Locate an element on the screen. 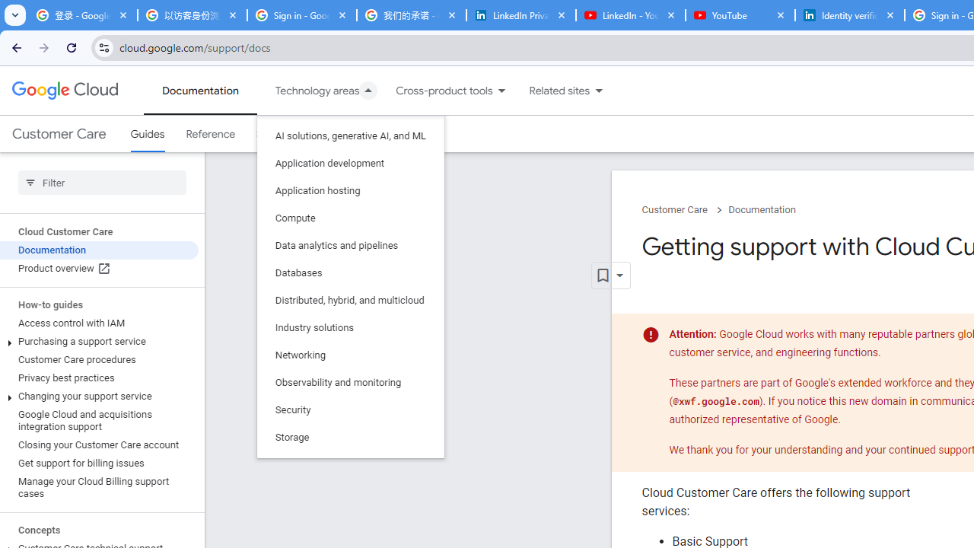  'Type to filter' is located at coordinates (101, 182).